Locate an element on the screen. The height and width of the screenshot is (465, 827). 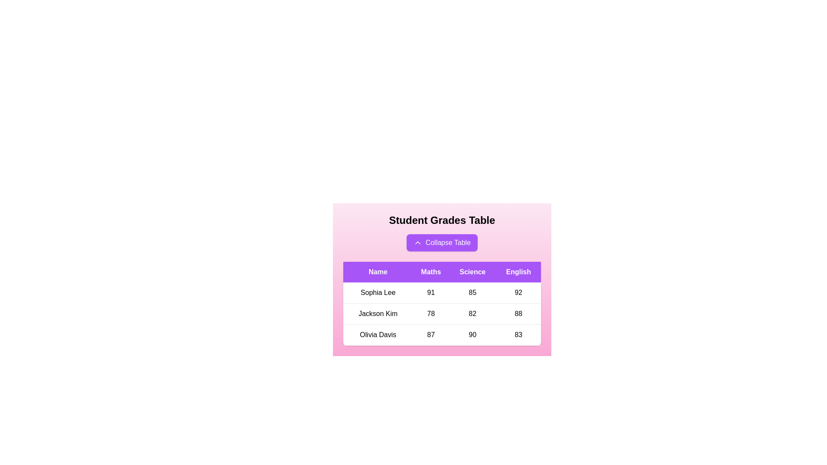
the header Science to sort the table by that column is located at coordinates (472, 272).